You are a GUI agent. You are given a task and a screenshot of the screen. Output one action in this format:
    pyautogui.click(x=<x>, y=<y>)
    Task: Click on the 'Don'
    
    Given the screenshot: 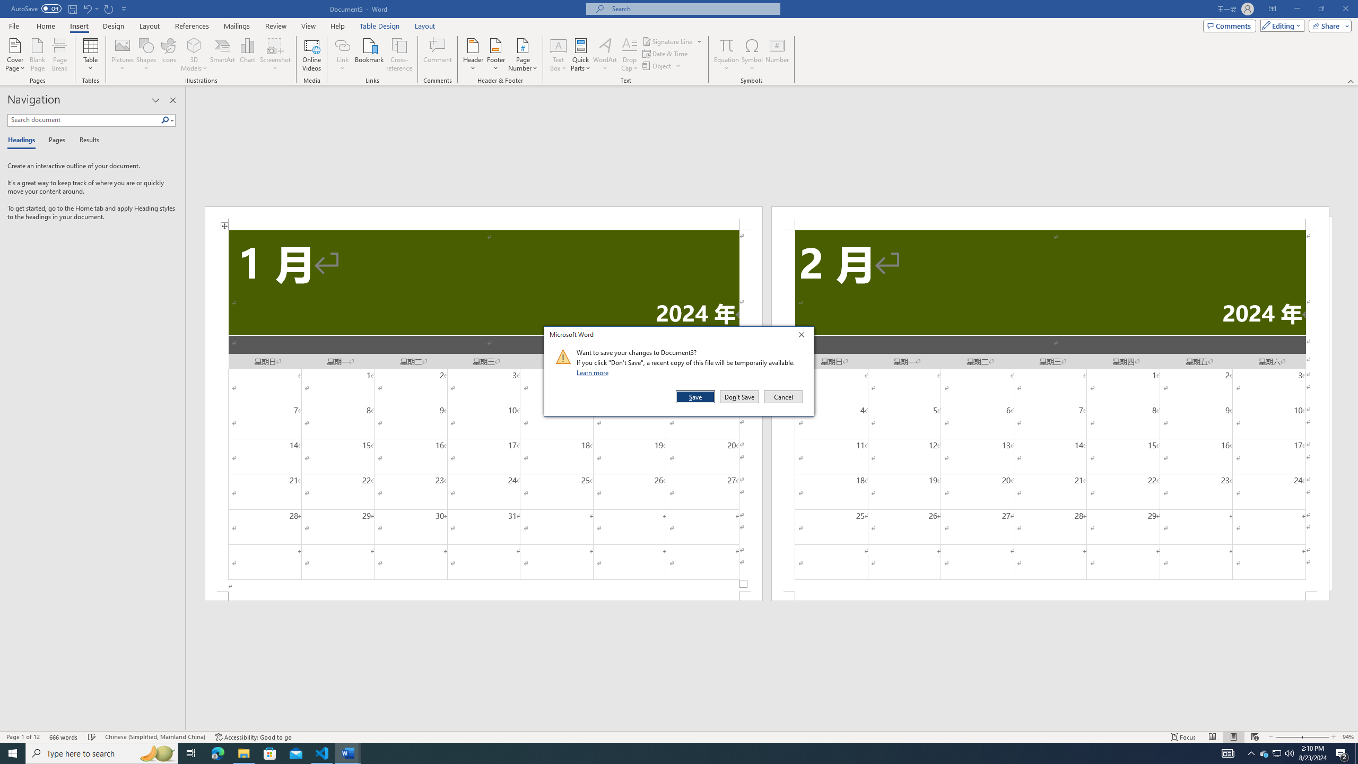 What is the action you would take?
    pyautogui.click(x=739, y=396)
    